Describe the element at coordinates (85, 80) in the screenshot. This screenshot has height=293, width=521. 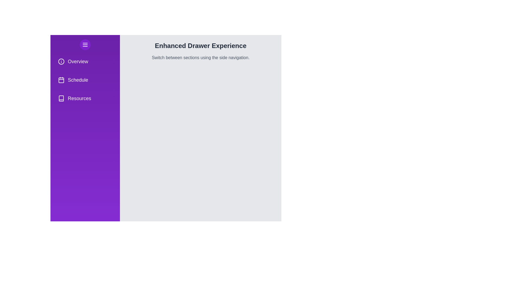
I see `the menu item Schedule to observe visual feedback` at that location.